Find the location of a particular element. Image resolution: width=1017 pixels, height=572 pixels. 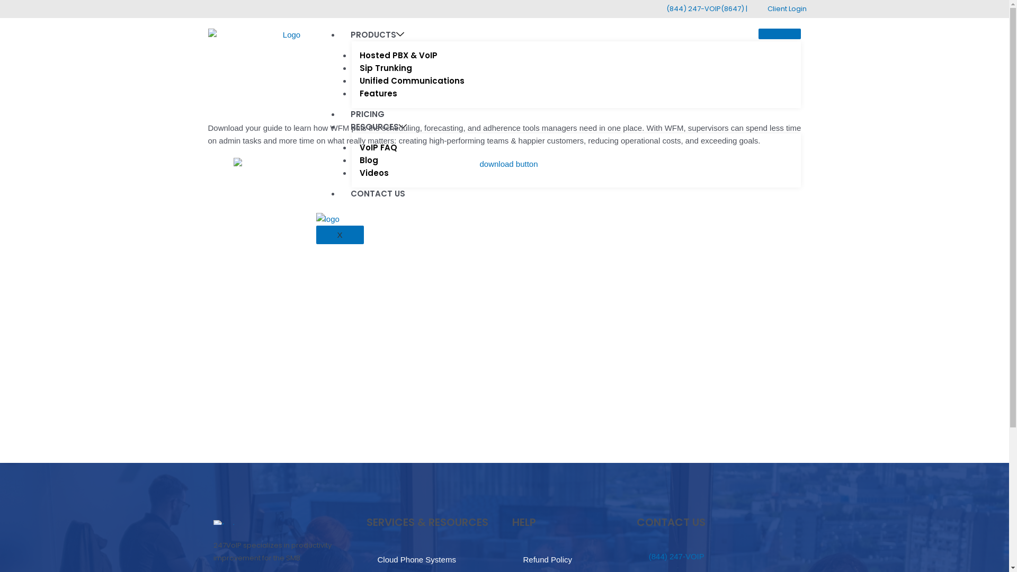

'Features' is located at coordinates (378, 93).